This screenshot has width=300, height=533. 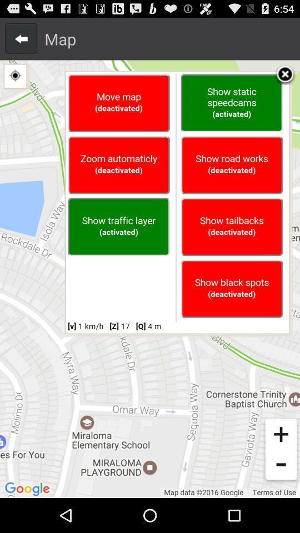 What do you see at coordinates (21, 41) in the screenshot?
I see `the arrow_backward icon` at bounding box center [21, 41].